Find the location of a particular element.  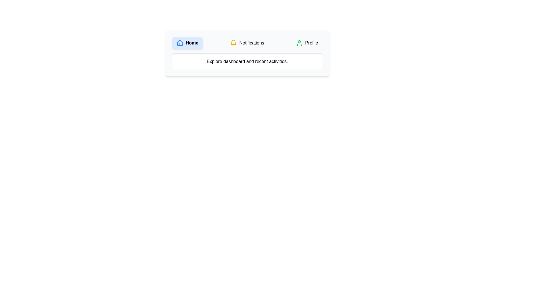

the Profile tab to observe its hover effect is located at coordinates (307, 42).